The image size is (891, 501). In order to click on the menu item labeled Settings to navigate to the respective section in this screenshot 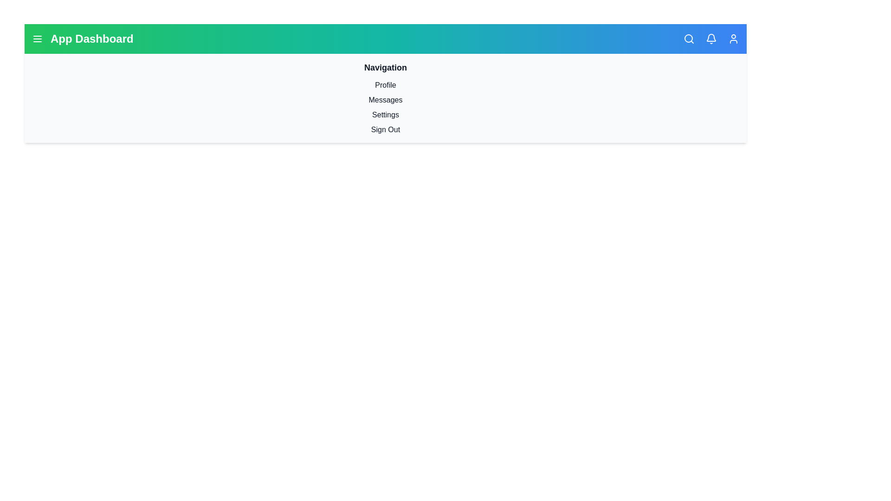, I will do `click(385, 114)`.